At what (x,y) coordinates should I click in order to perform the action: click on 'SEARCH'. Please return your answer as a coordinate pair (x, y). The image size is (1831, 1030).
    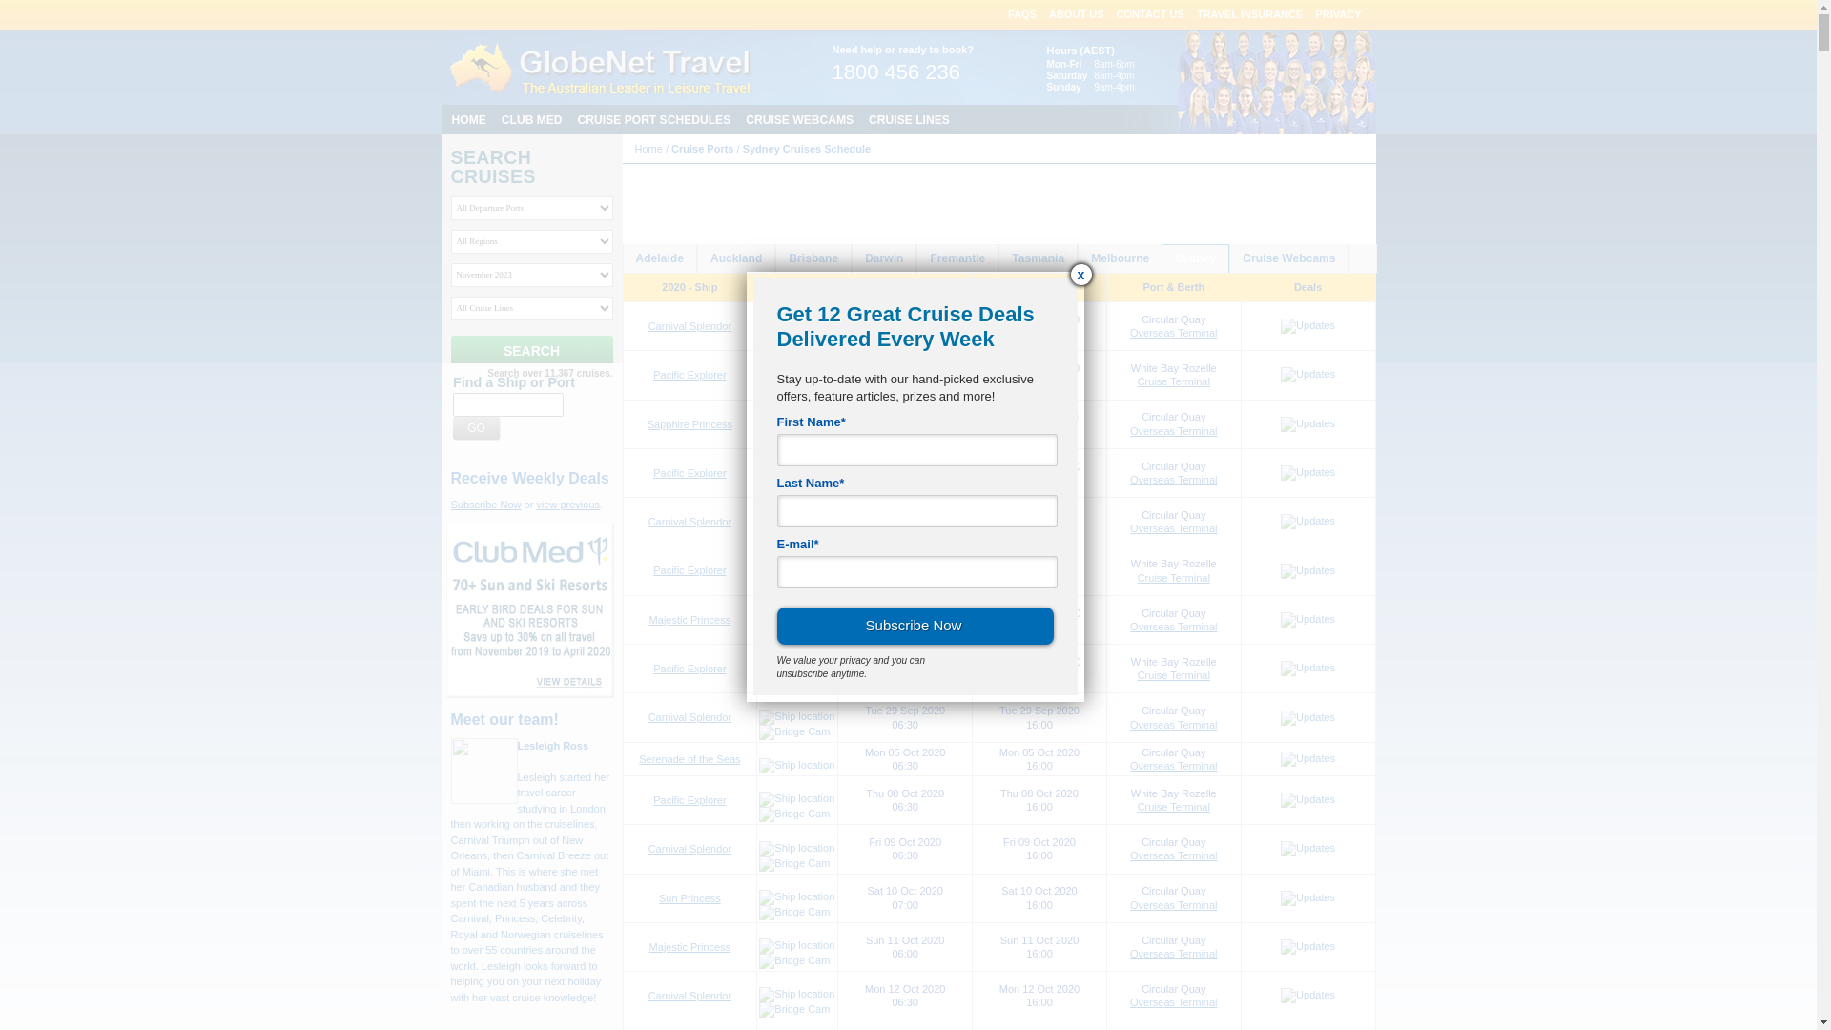
    Looking at the image, I should click on (530, 350).